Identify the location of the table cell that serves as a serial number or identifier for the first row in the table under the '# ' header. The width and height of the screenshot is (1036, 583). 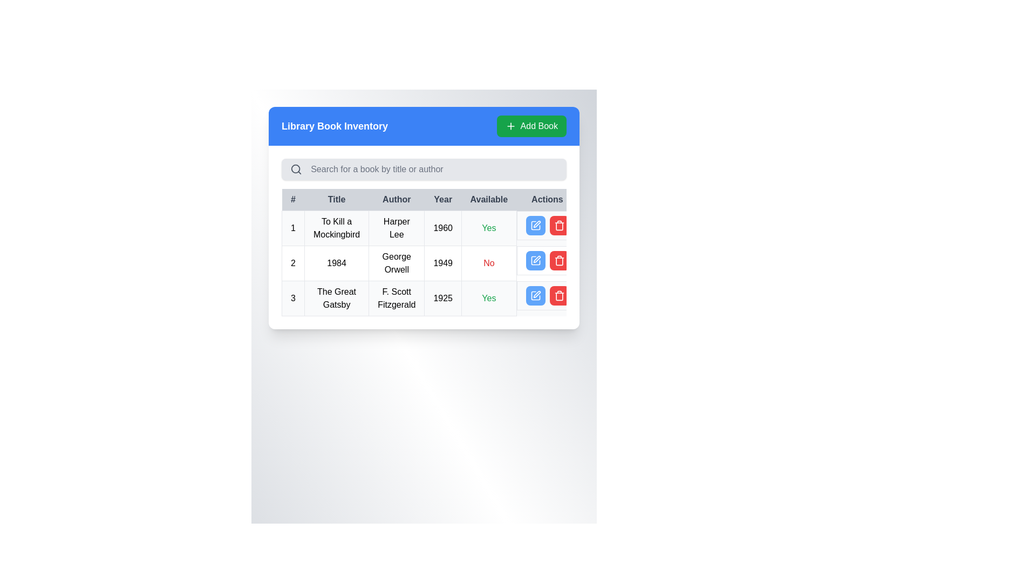
(293, 228).